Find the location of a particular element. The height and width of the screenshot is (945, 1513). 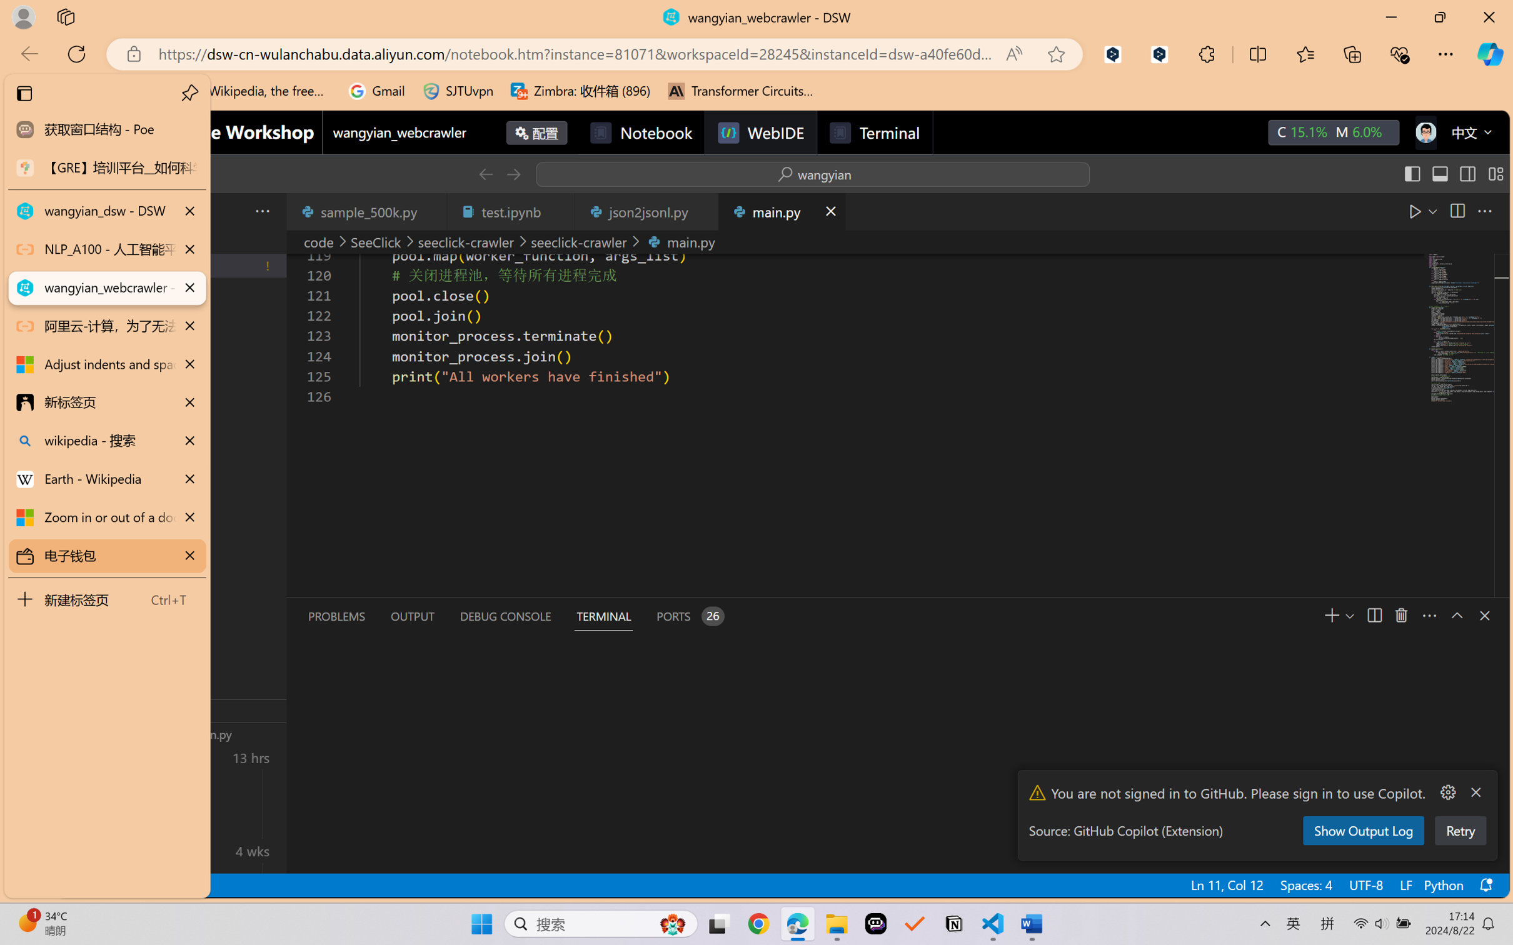

'Copilot (Ctrl+Shift+.)' is located at coordinates (1490, 54).